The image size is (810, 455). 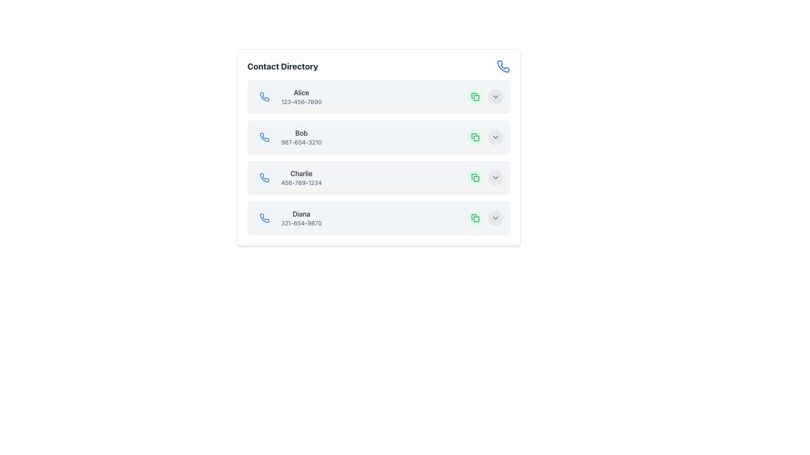 What do you see at coordinates (474, 217) in the screenshot?
I see `the 'Copy' icon located to the right of the phone number in the 'Contact Directory' list` at bounding box center [474, 217].